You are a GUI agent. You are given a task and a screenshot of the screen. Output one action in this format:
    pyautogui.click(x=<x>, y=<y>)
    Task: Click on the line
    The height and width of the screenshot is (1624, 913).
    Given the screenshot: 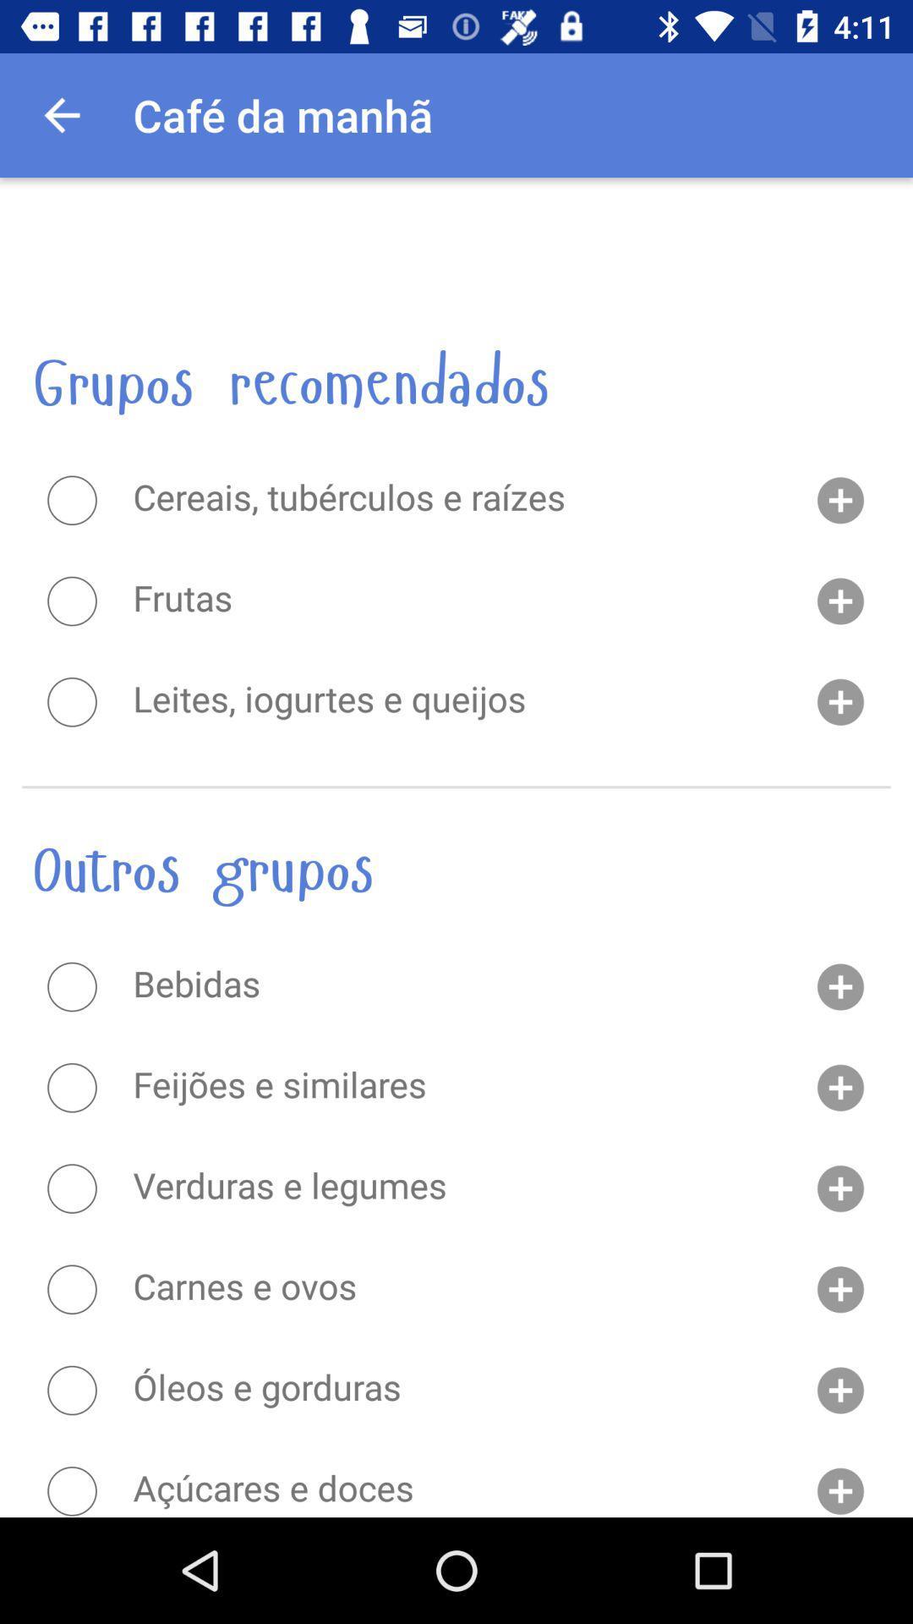 What is the action you would take?
    pyautogui.click(x=71, y=1088)
    